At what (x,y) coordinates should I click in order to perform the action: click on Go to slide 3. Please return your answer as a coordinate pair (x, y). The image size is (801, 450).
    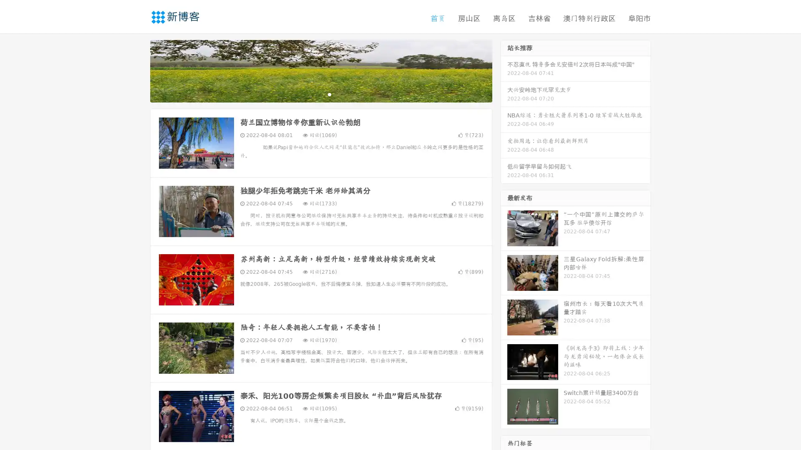
    Looking at the image, I should click on (329, 94).